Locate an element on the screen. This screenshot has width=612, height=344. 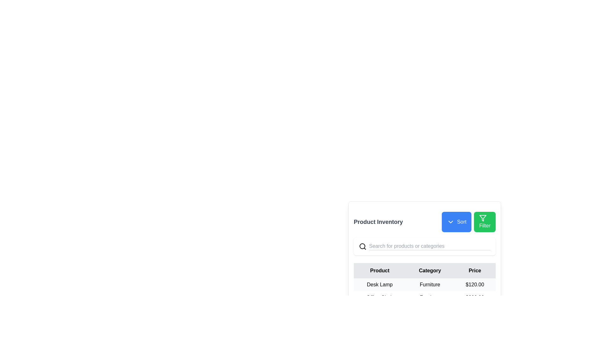
the 'Filter' icon located within a green-buttoned 'Filter' component is located at coordinates (483, 218).